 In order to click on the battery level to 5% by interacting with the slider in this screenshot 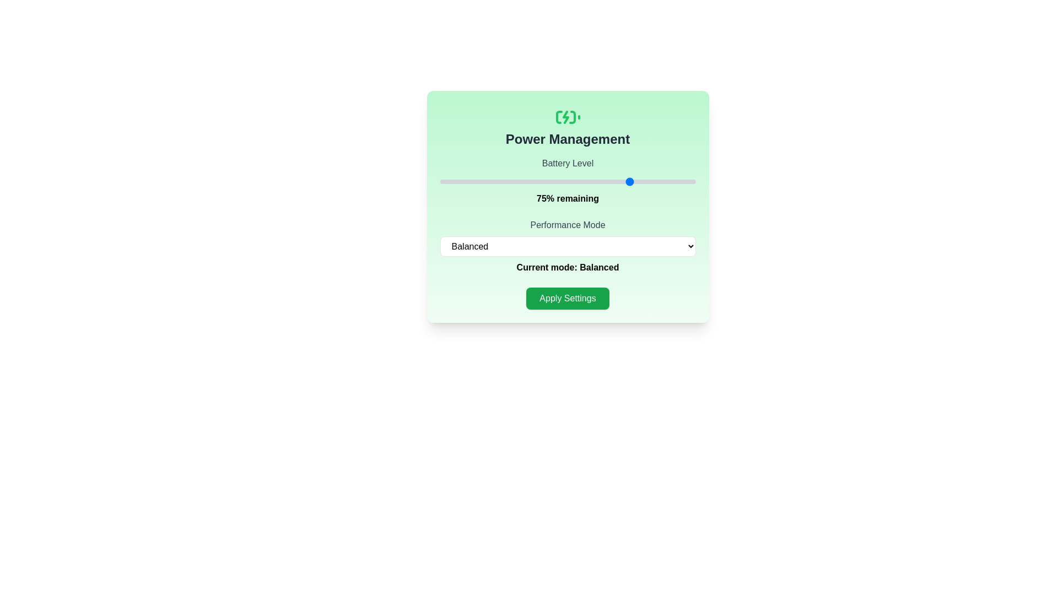, I will do `click(452, 181)`.